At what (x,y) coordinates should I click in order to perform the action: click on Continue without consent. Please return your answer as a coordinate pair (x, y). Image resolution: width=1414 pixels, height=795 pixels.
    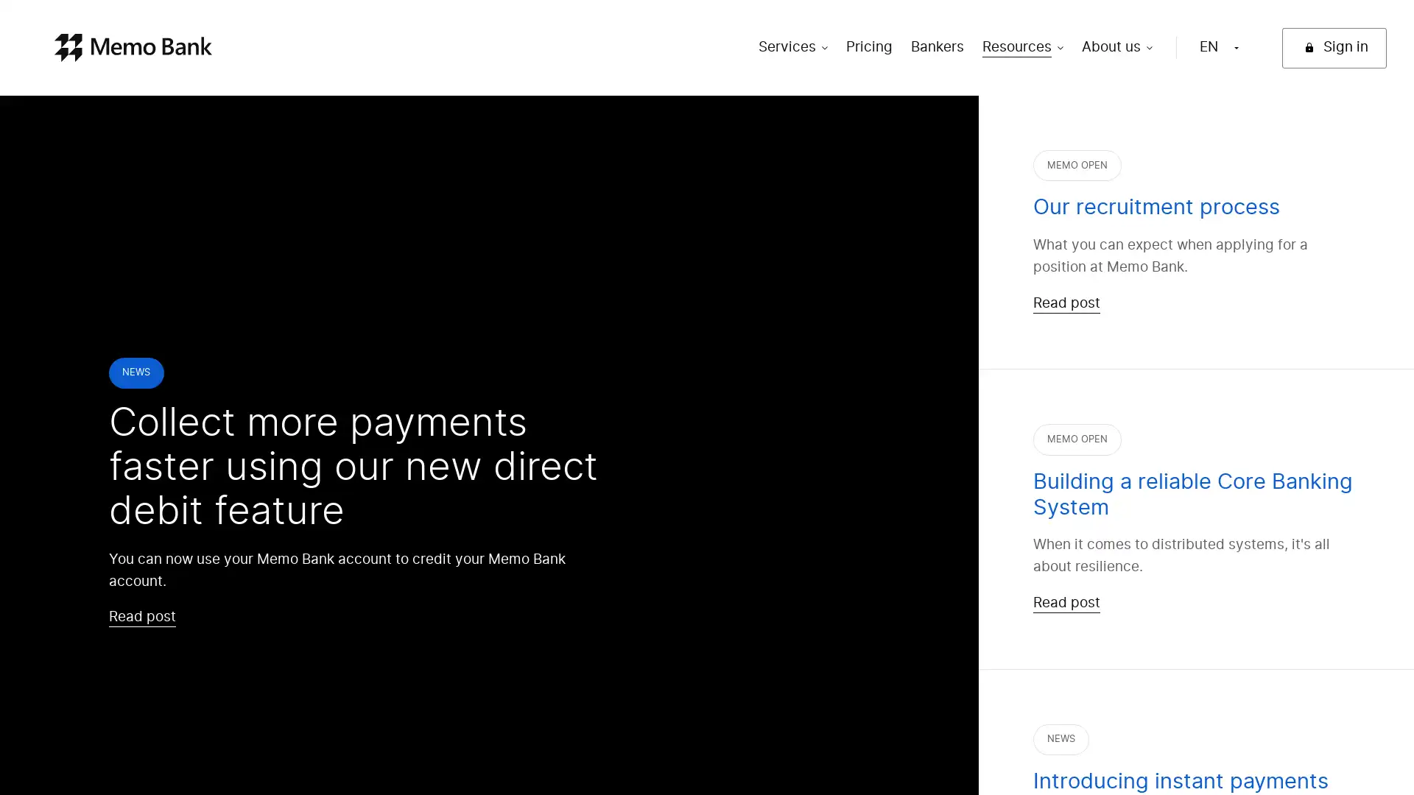
    Looking at the image, I should click on (90, 570).